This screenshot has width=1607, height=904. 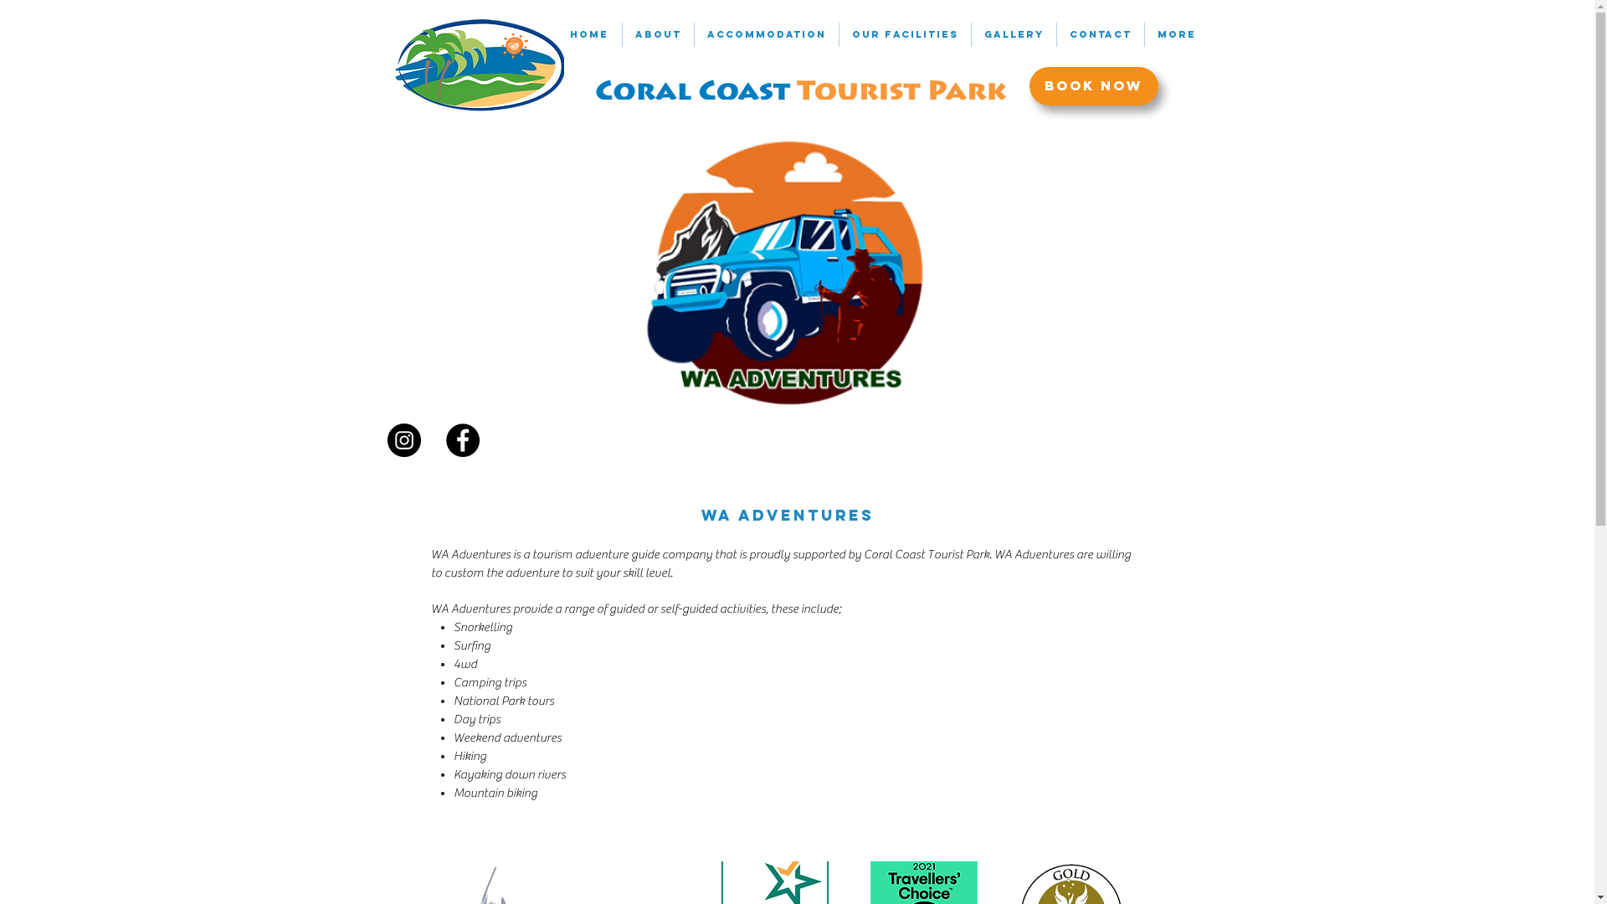 What do you see at coordinates (766, 34) in the screenshot?
I see `'ACCOMMODATION'` at bounding box center [766, 34].